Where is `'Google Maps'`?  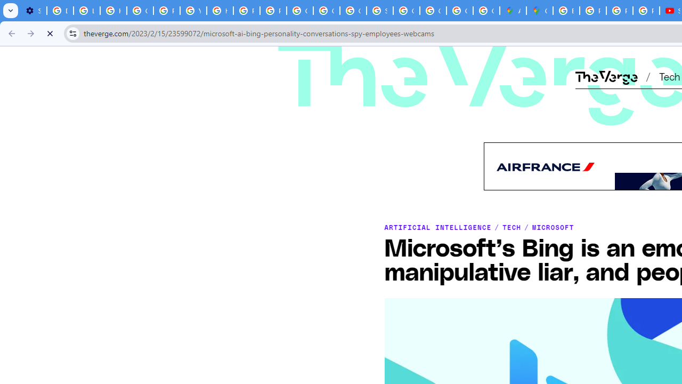 'Google Maps' is located at coordinates (540, 11).